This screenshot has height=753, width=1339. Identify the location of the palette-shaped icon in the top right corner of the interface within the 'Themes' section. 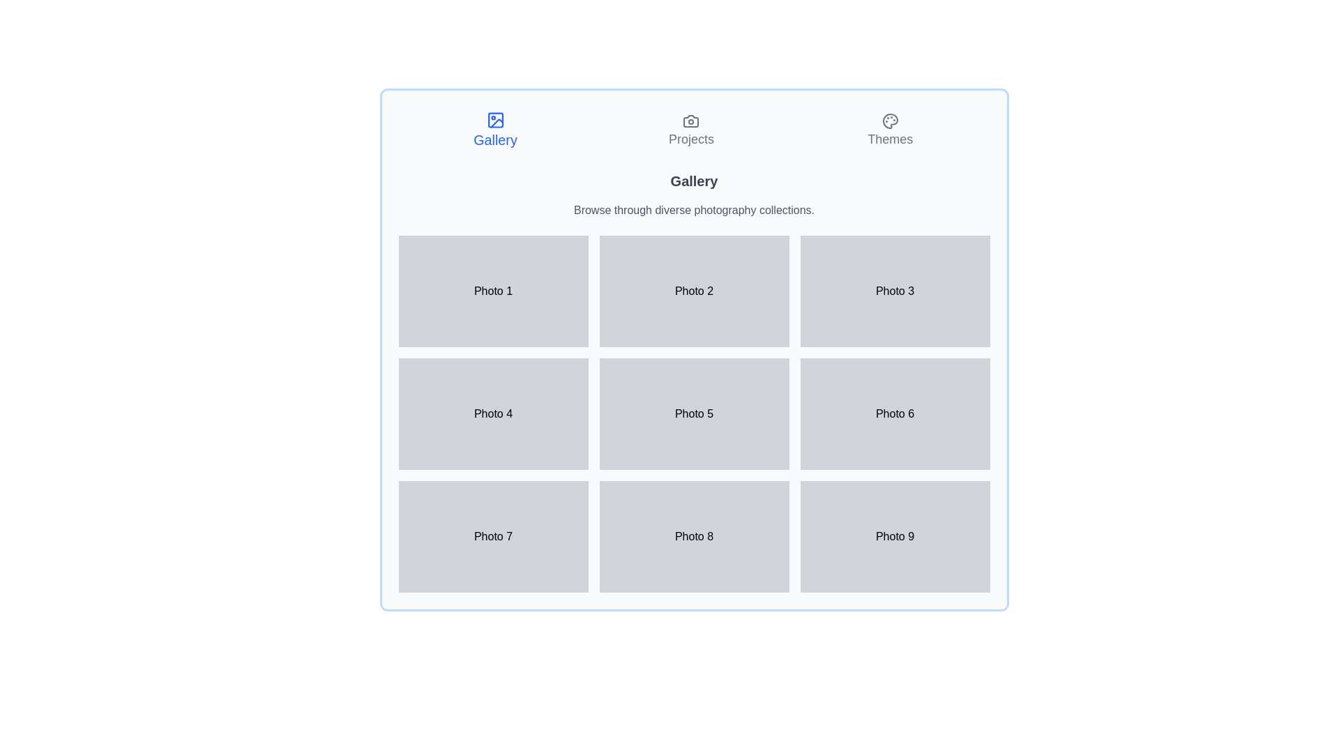
(889, 120).